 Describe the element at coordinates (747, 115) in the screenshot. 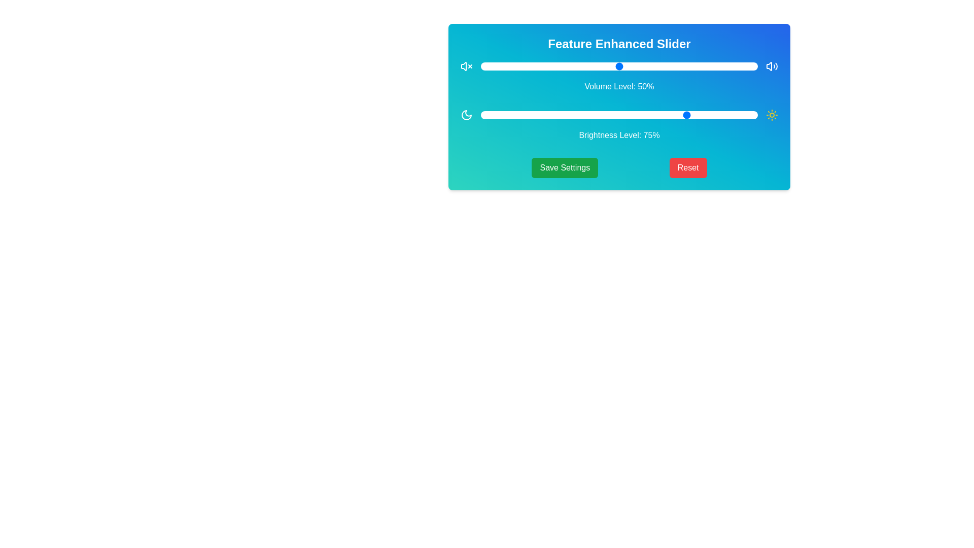

I see `brightness` at that location.